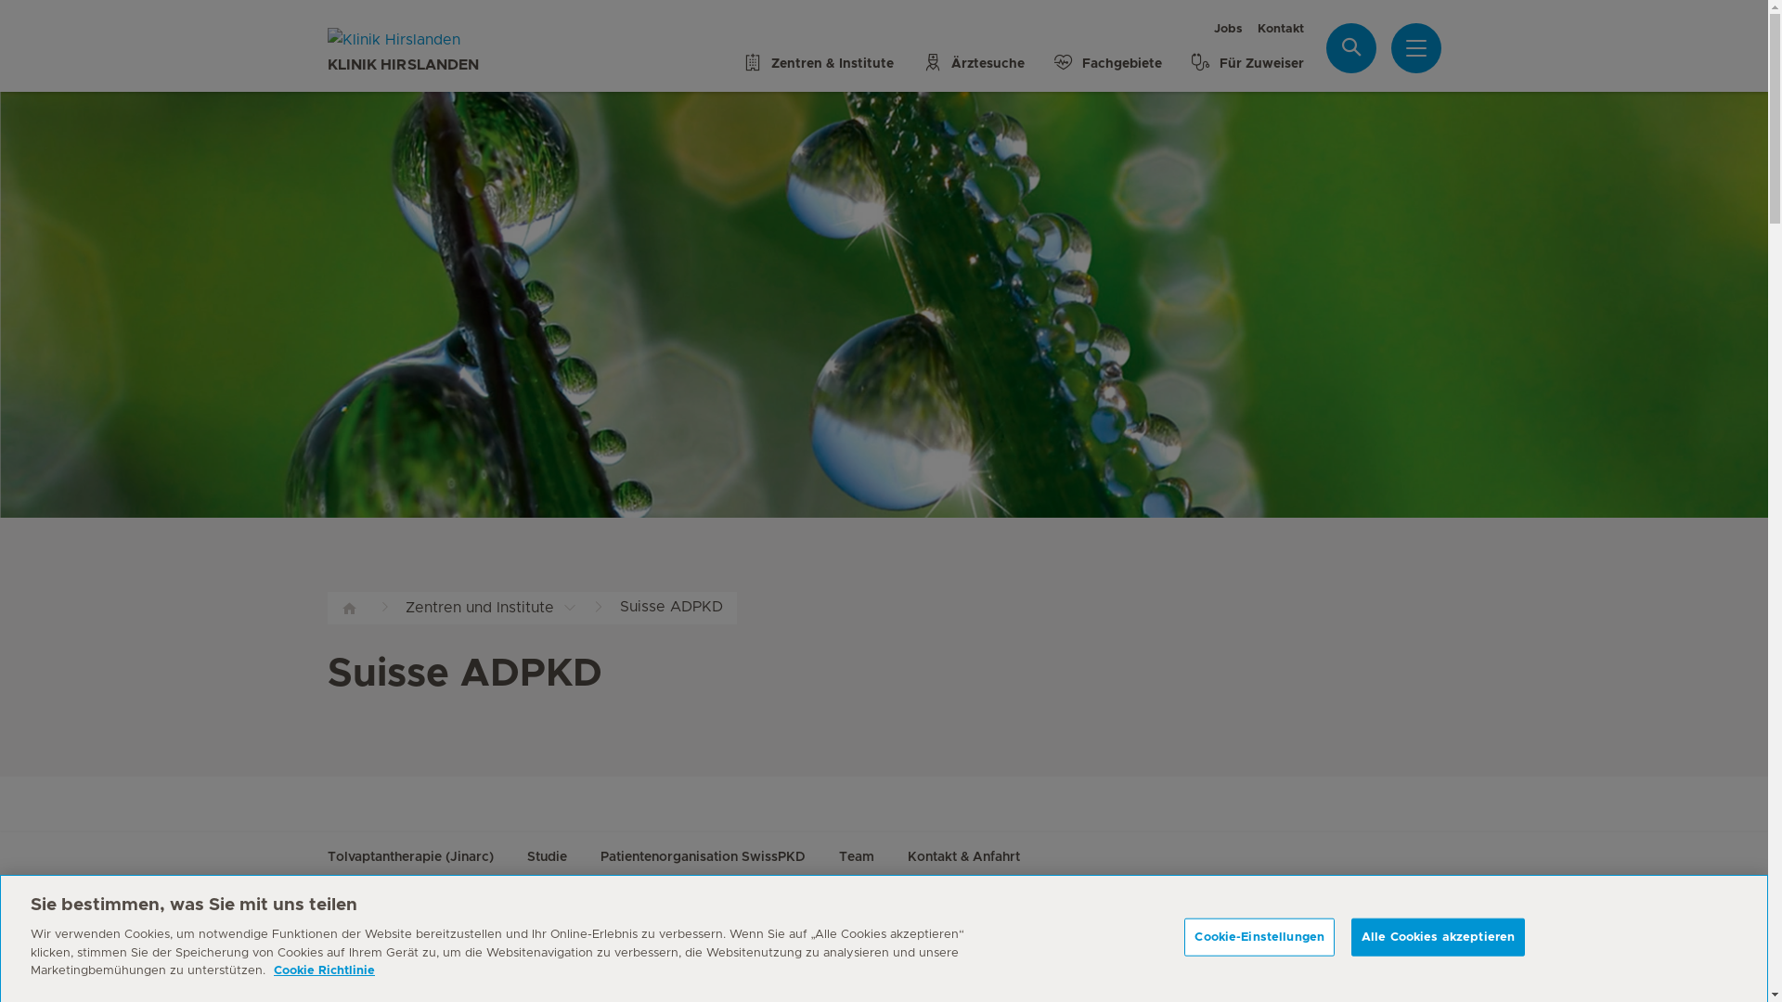 This screenshot has width=1782, height=1002. I want to click on 'Kontakt', so click(1278, 29).